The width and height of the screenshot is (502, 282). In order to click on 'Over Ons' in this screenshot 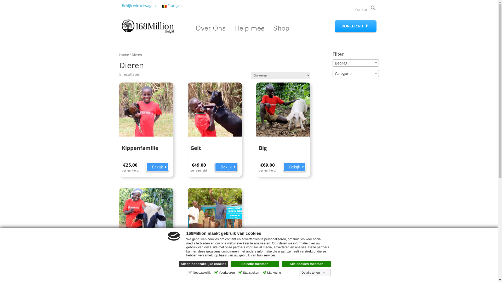, I will do `click(210, 28)`.